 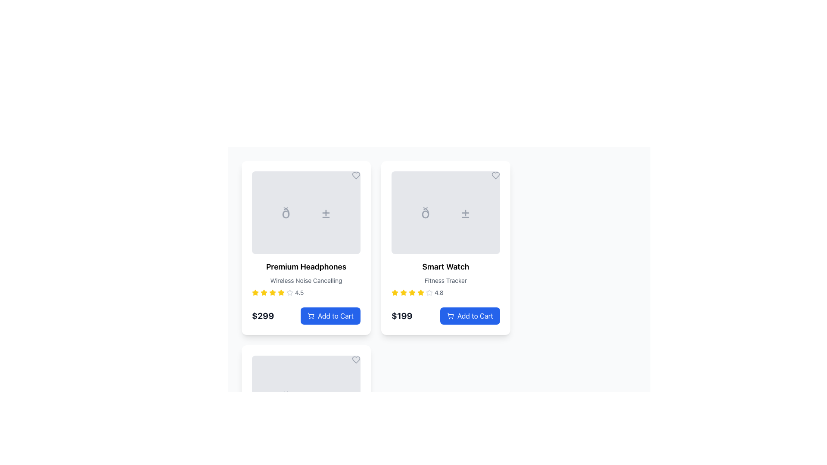 What do you see at coordinates (446, 312) in the screenshot?
I see `the button in the 'Smart Watch' product card` at bounding box center [446, 312].